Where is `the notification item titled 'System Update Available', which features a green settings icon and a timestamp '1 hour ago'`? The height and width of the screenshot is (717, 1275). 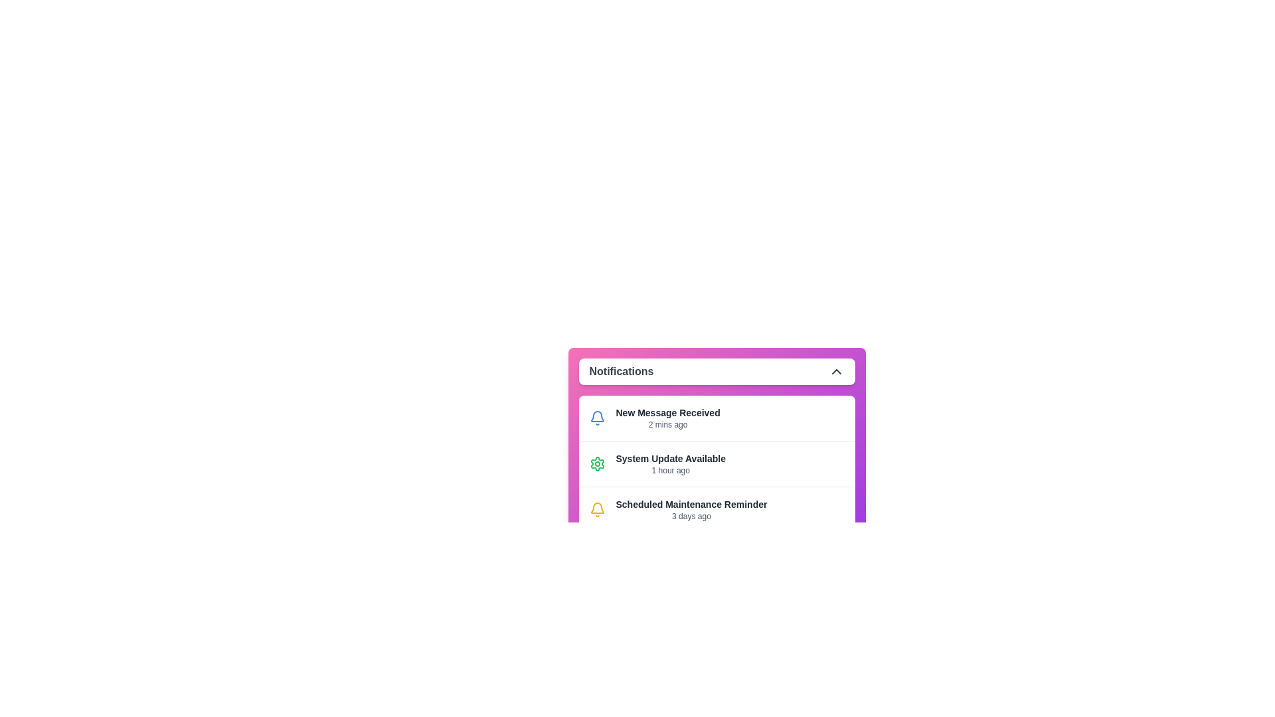 the notification item titled 'System Update Available', which features a green settings icon and a timestamp '1 hour ago' is located at coordinates (716, 463).